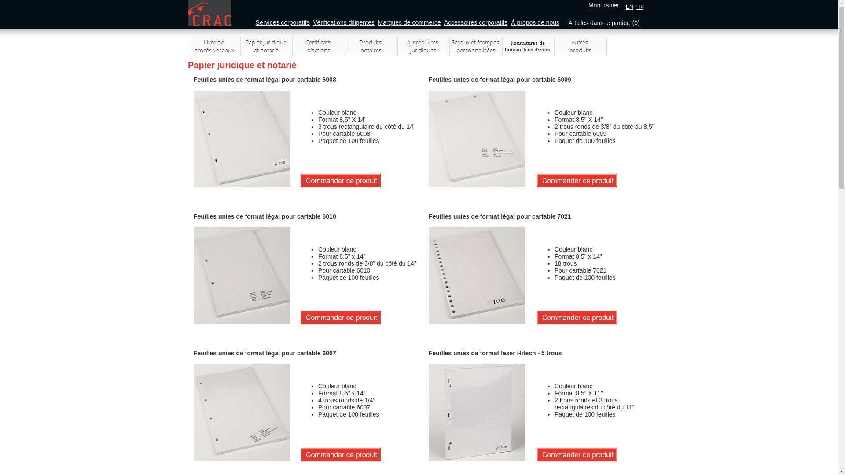 The height and width of the screenshot is (475, 845). Describe the element at coordinates (371, 46) in the screenshot. I see `'Produits` at that location.